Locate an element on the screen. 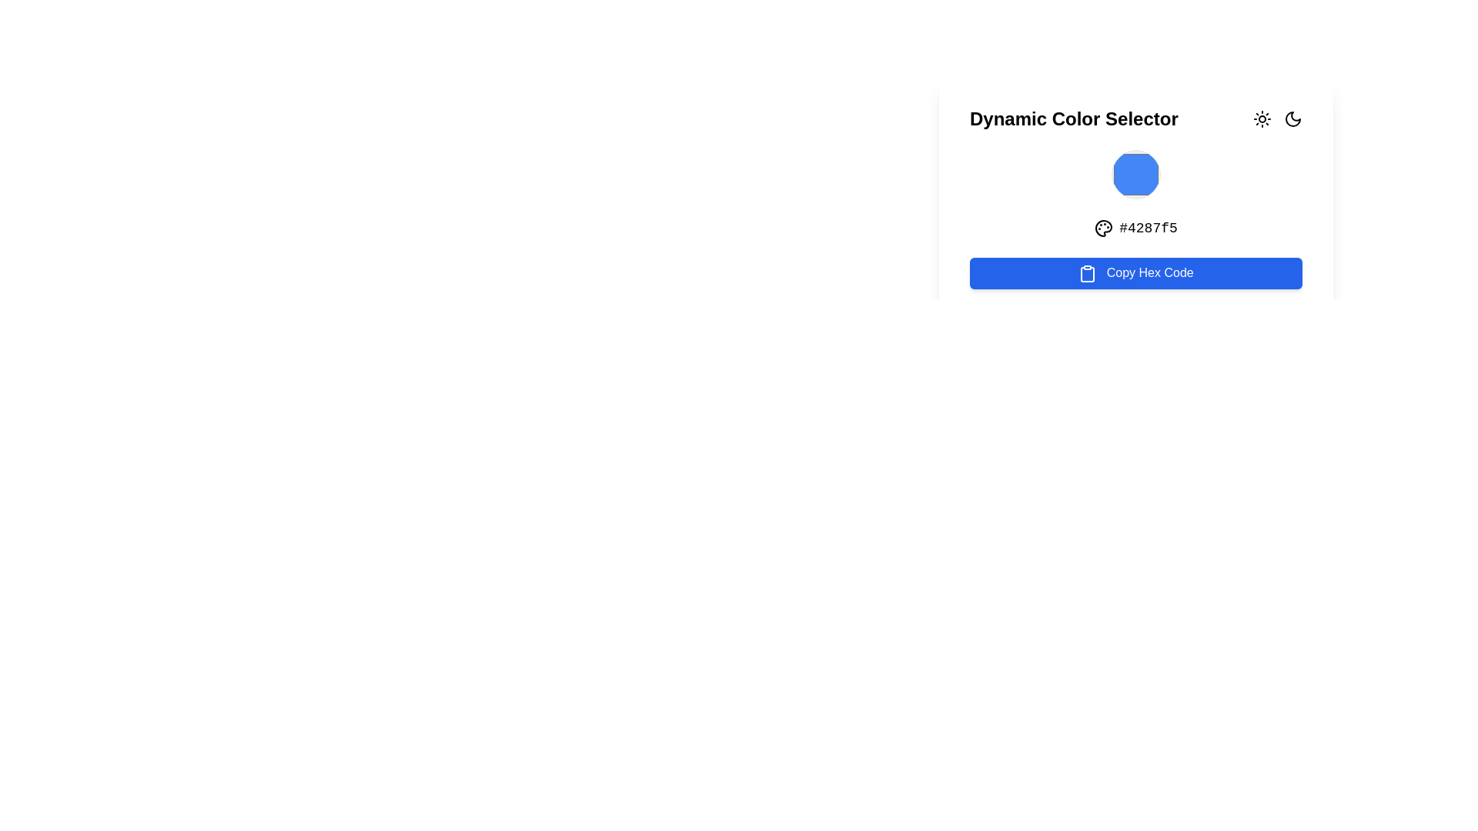  the crescent moon SVG icon next to the 'Dynamic Color Selector' text label is located at coordinates (1293, 118).